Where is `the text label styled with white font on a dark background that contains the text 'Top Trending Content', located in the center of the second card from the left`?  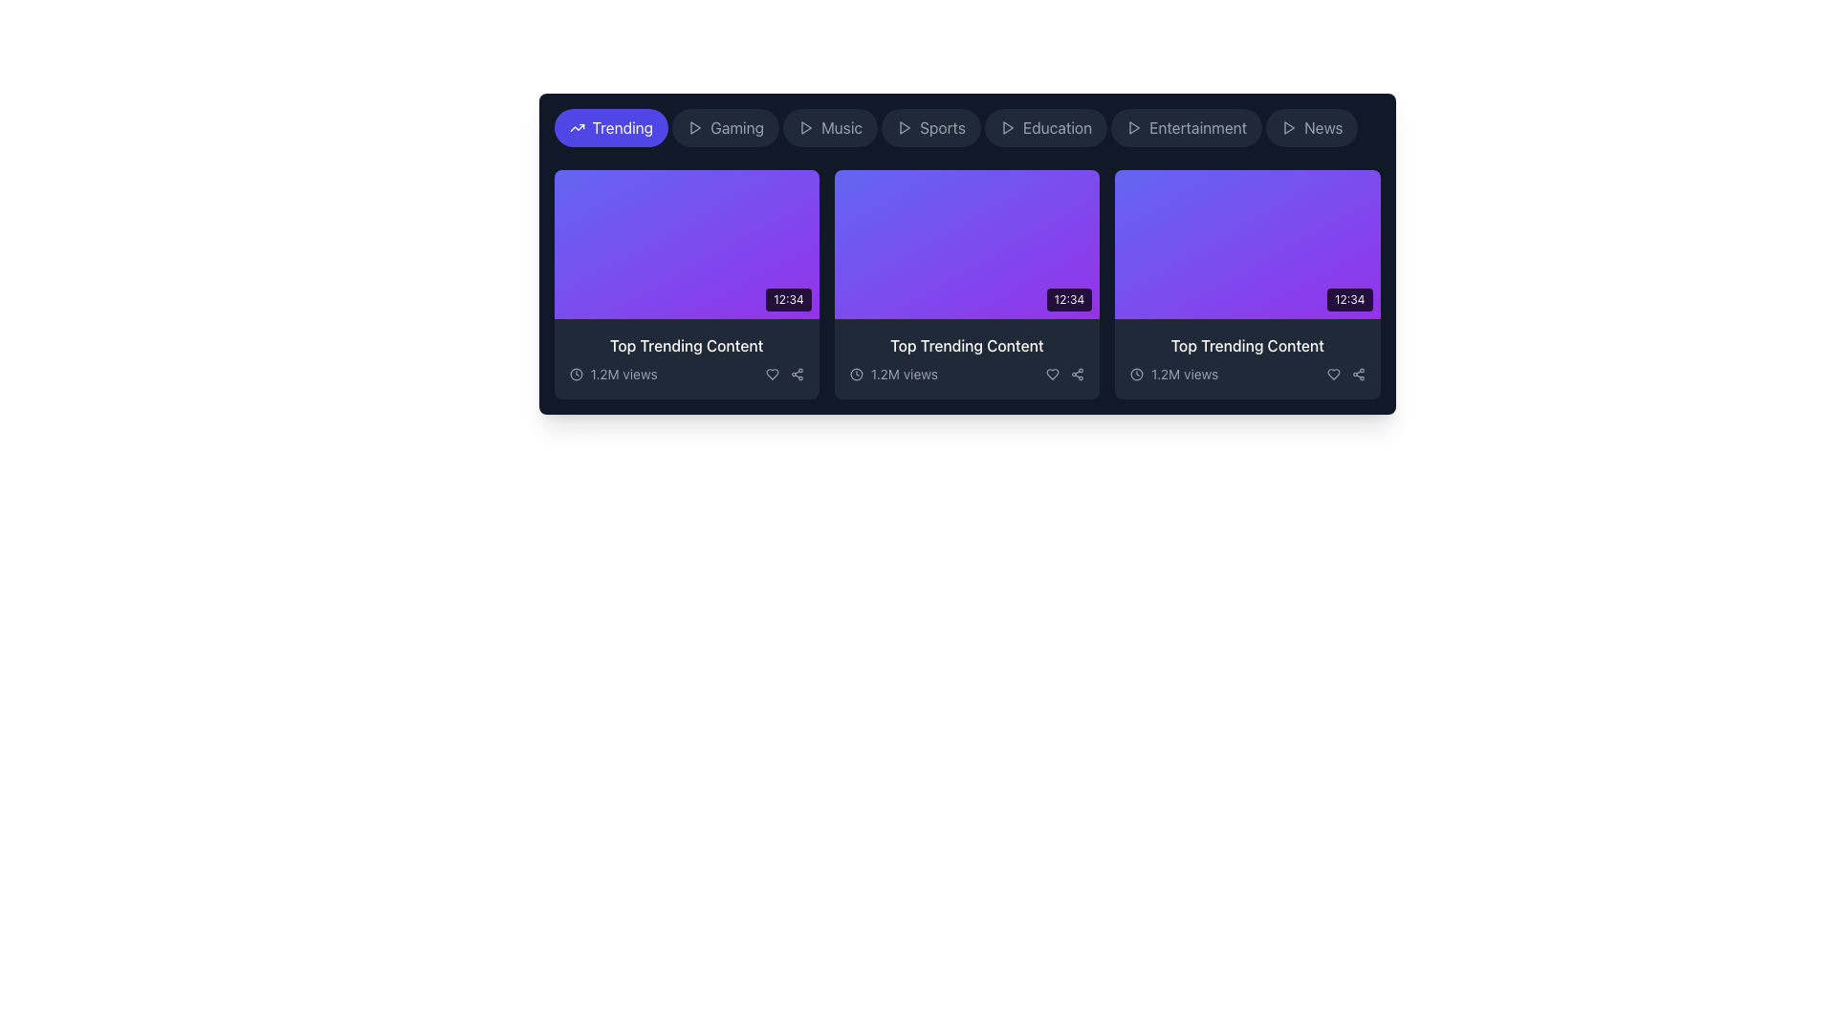 the text label styled with white font on a dark background that contains the text 'Top Trending Content', located in the center of the second card from the left is located at coordinates (967, 346).